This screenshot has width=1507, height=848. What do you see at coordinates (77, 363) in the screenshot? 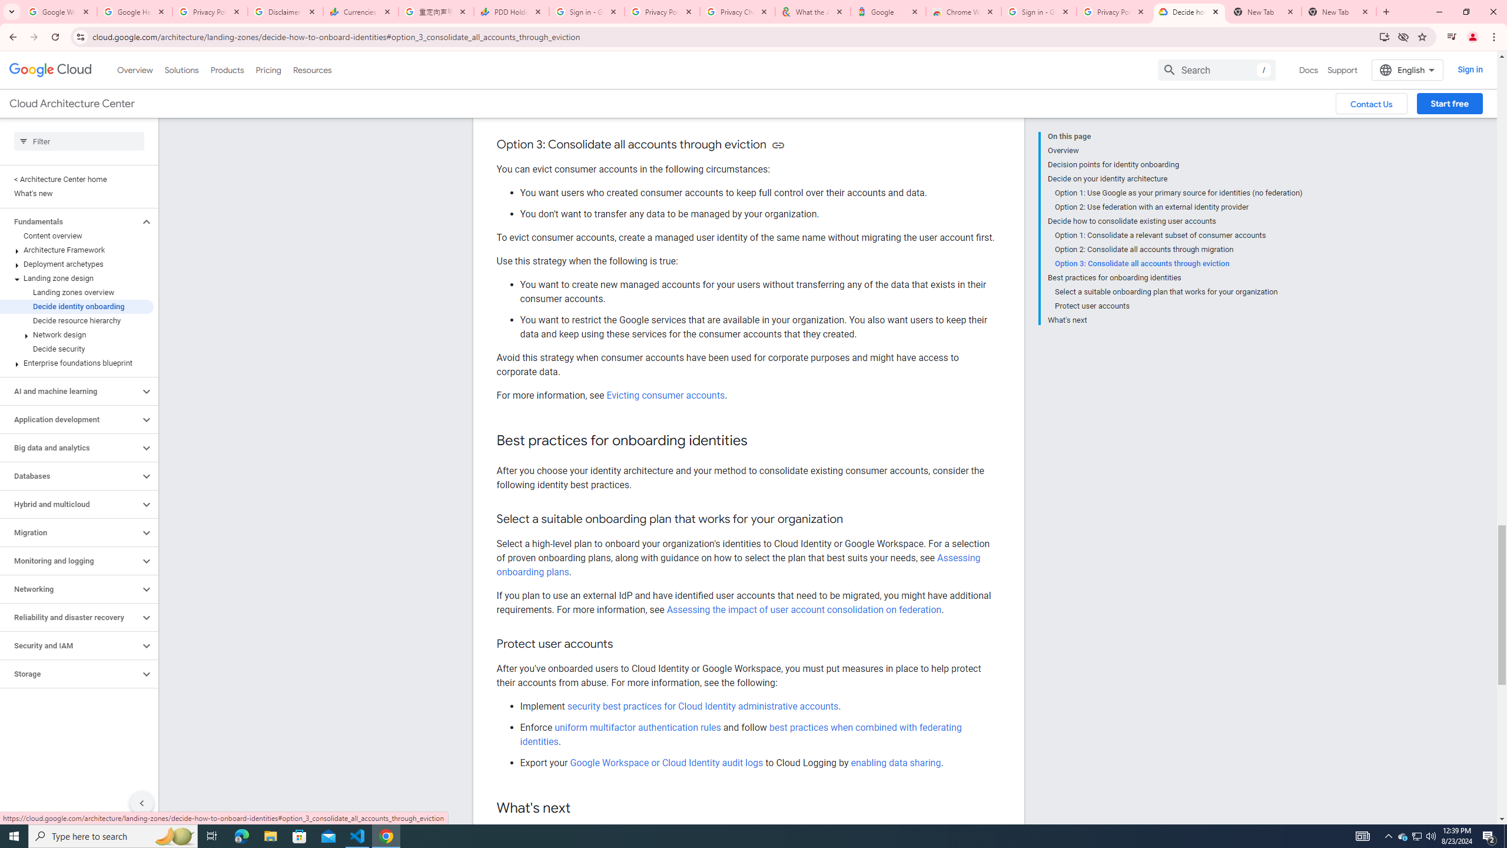
I see `'Enterprise foundations blueprint'` at bounding box center [77, 363].